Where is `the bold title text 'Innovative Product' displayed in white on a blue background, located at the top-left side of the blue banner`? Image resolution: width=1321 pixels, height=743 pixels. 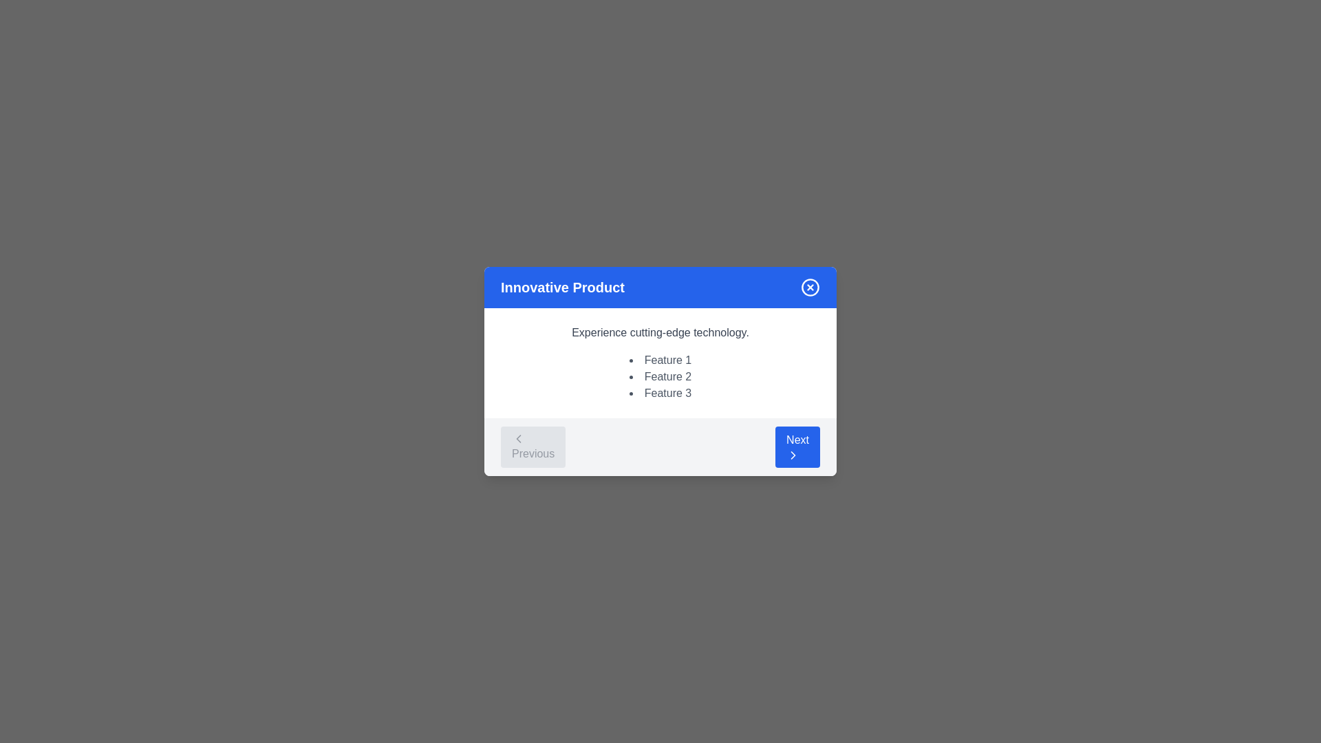 the bold title text 'Innovative Product' displayed in white on a blue background, located at the top-left side of the blue banner is located at coordinates (563, 286).